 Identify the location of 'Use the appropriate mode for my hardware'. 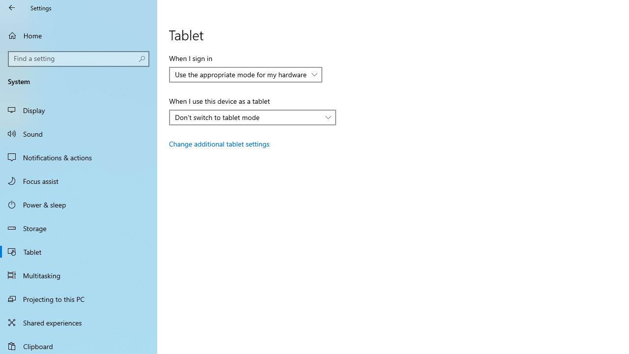
(241, 74).